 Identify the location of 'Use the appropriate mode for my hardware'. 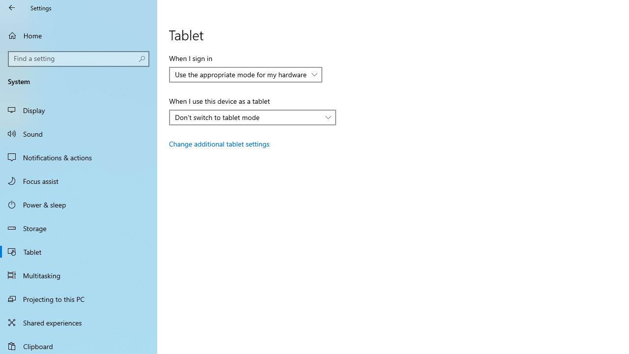
(241, 74).